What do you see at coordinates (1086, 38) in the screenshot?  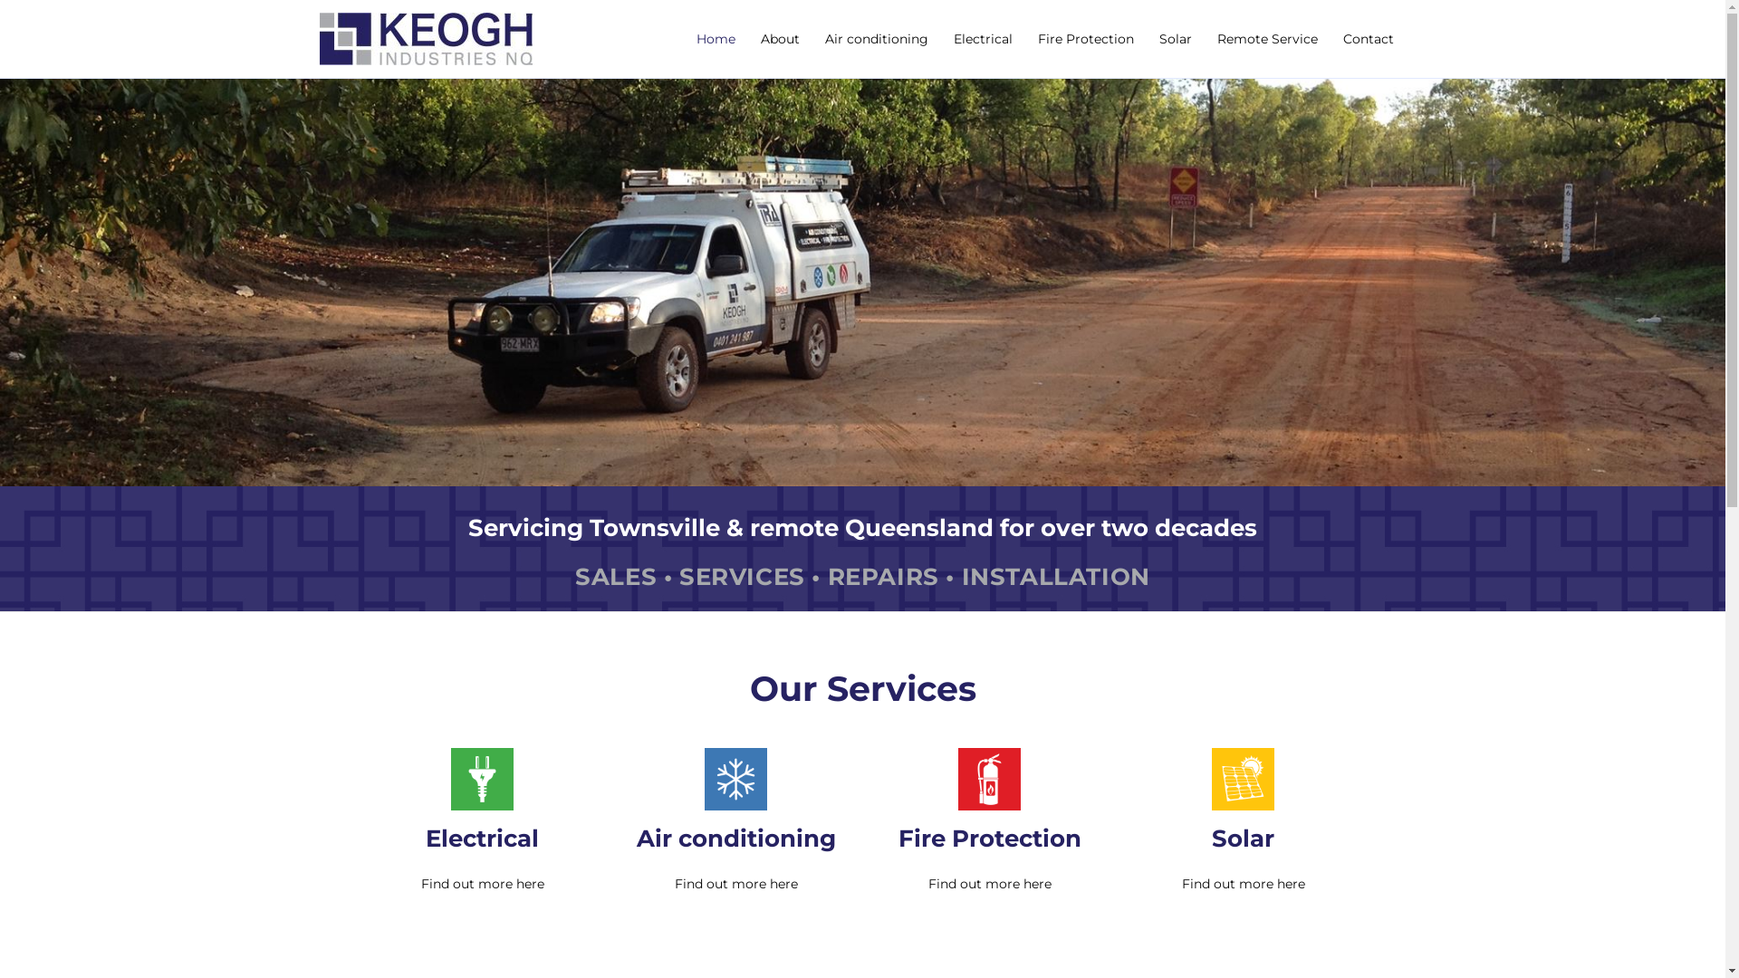 I see `'Fire Protection'` at bounding box center [1086, 38].